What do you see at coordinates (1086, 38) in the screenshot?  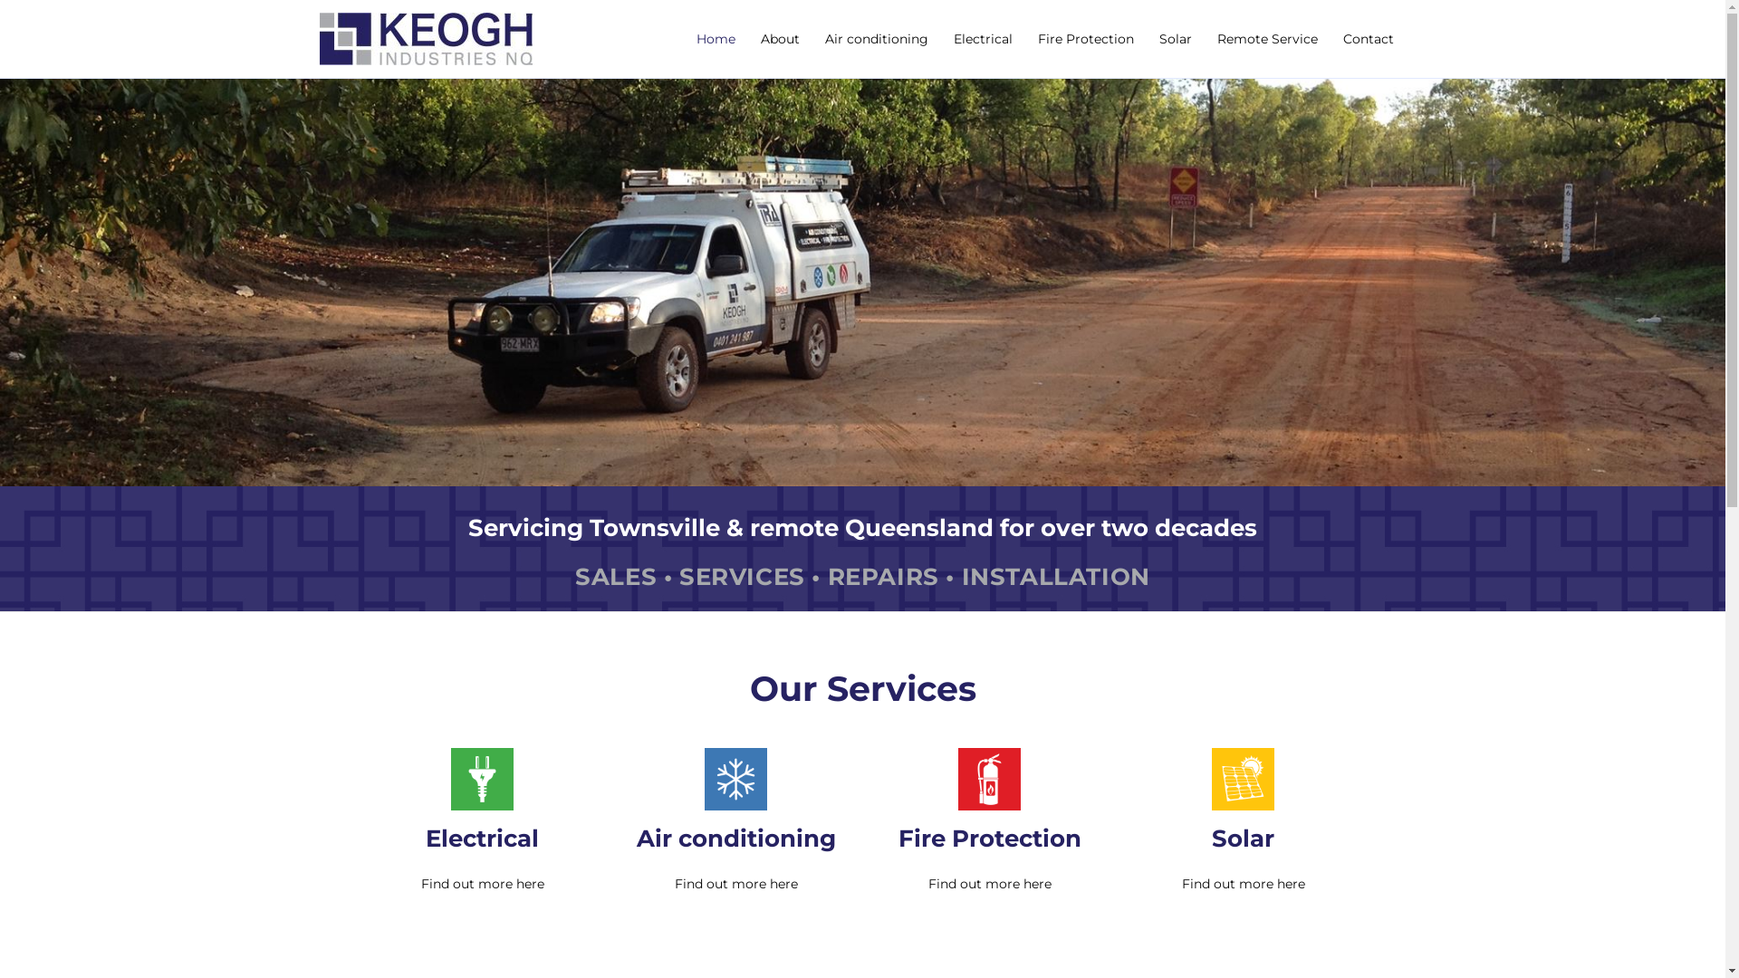 I see `'Fire Protection'` at bounding box center [1086, 38].